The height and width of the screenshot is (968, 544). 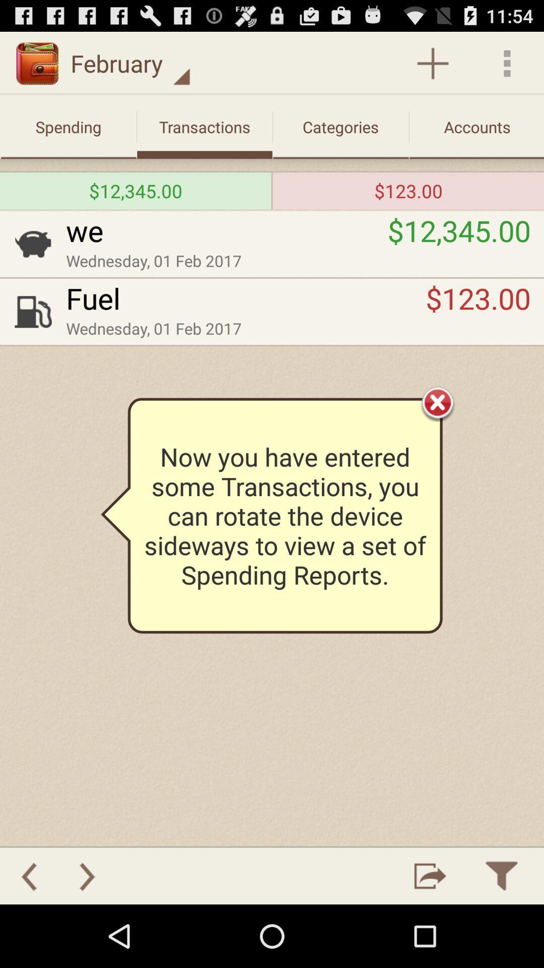 What do you see at coordinates (501, 937) in the screenshot?
I see `the filter icon` at bounding box center [501, 937].